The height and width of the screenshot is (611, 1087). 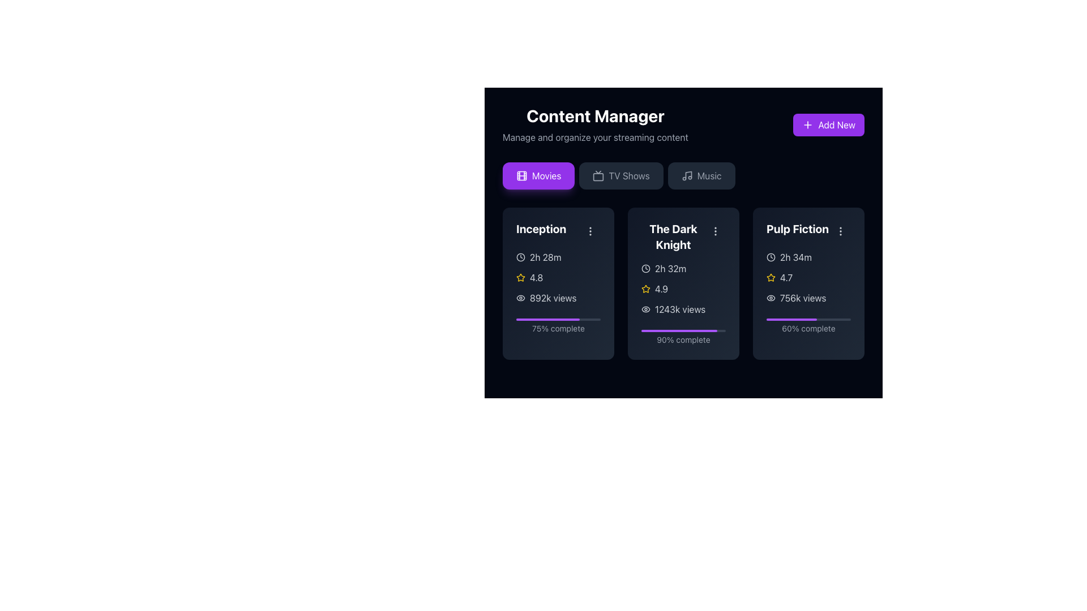 I want to click on the navigation Text Label that displays TV show-specific information, which is located centrally among the menu options, flanked by 'Movies' and 'Music', so click(x=628, y=176).